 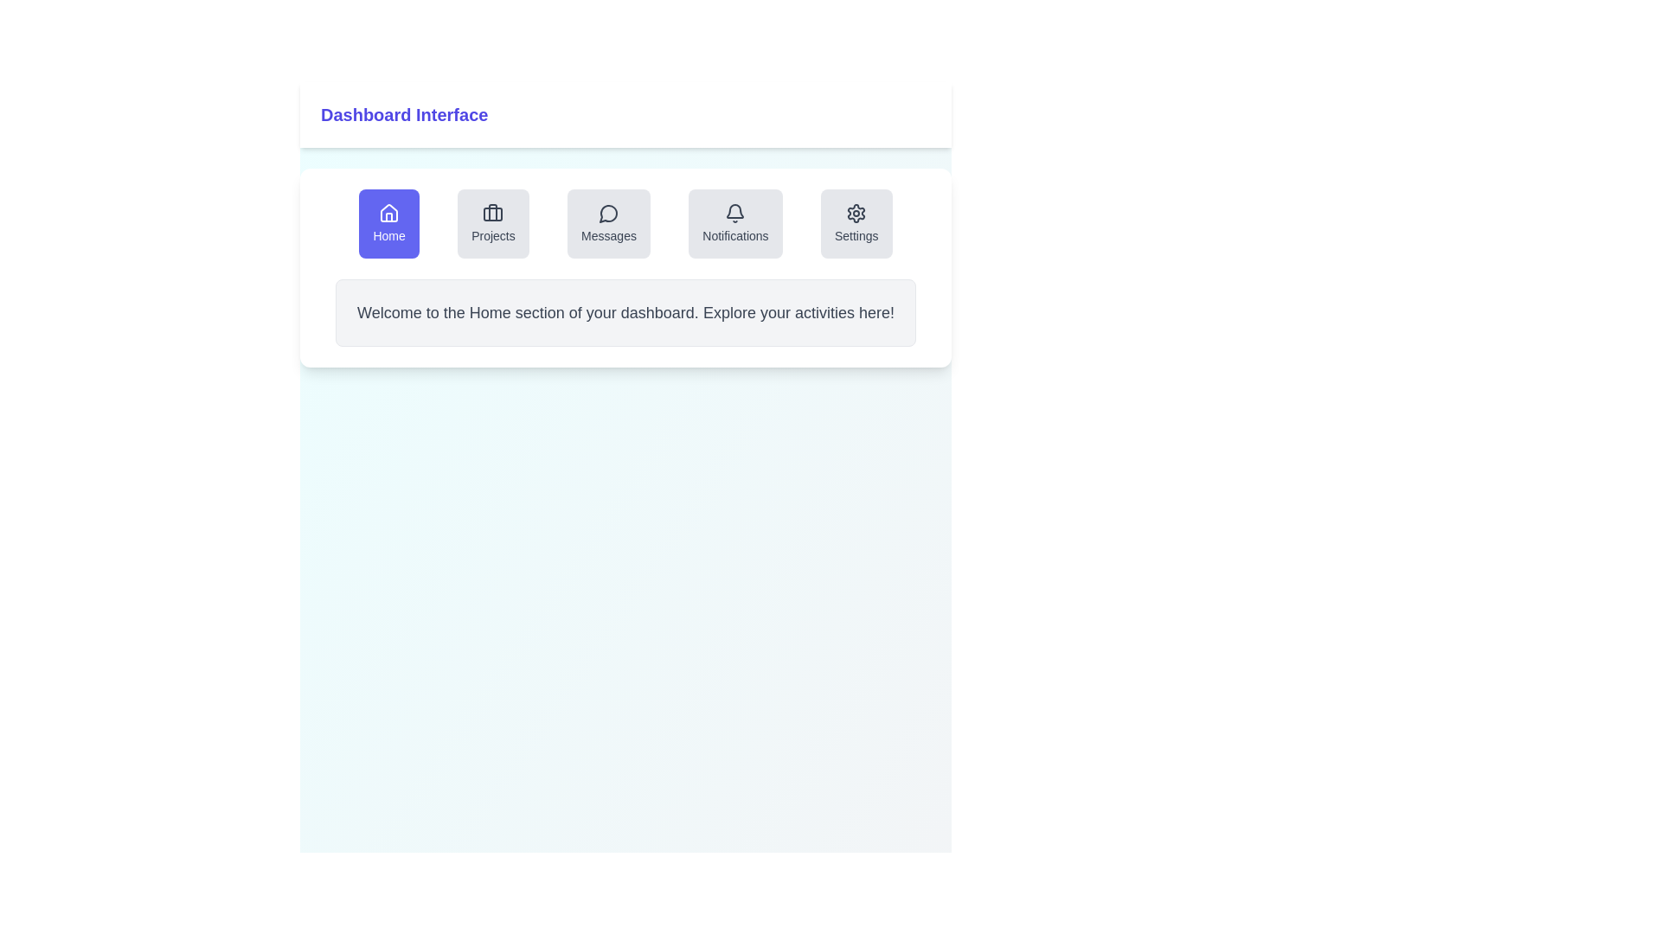 I want to click on text of the 'Notifications' label, which is displayed below the bell icon in the navigation options, so click(x=735, y=236).